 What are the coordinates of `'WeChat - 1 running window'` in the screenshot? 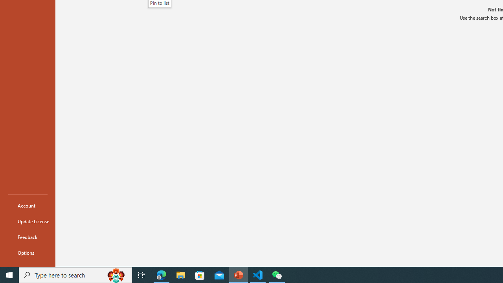 It's located at (277, 274).